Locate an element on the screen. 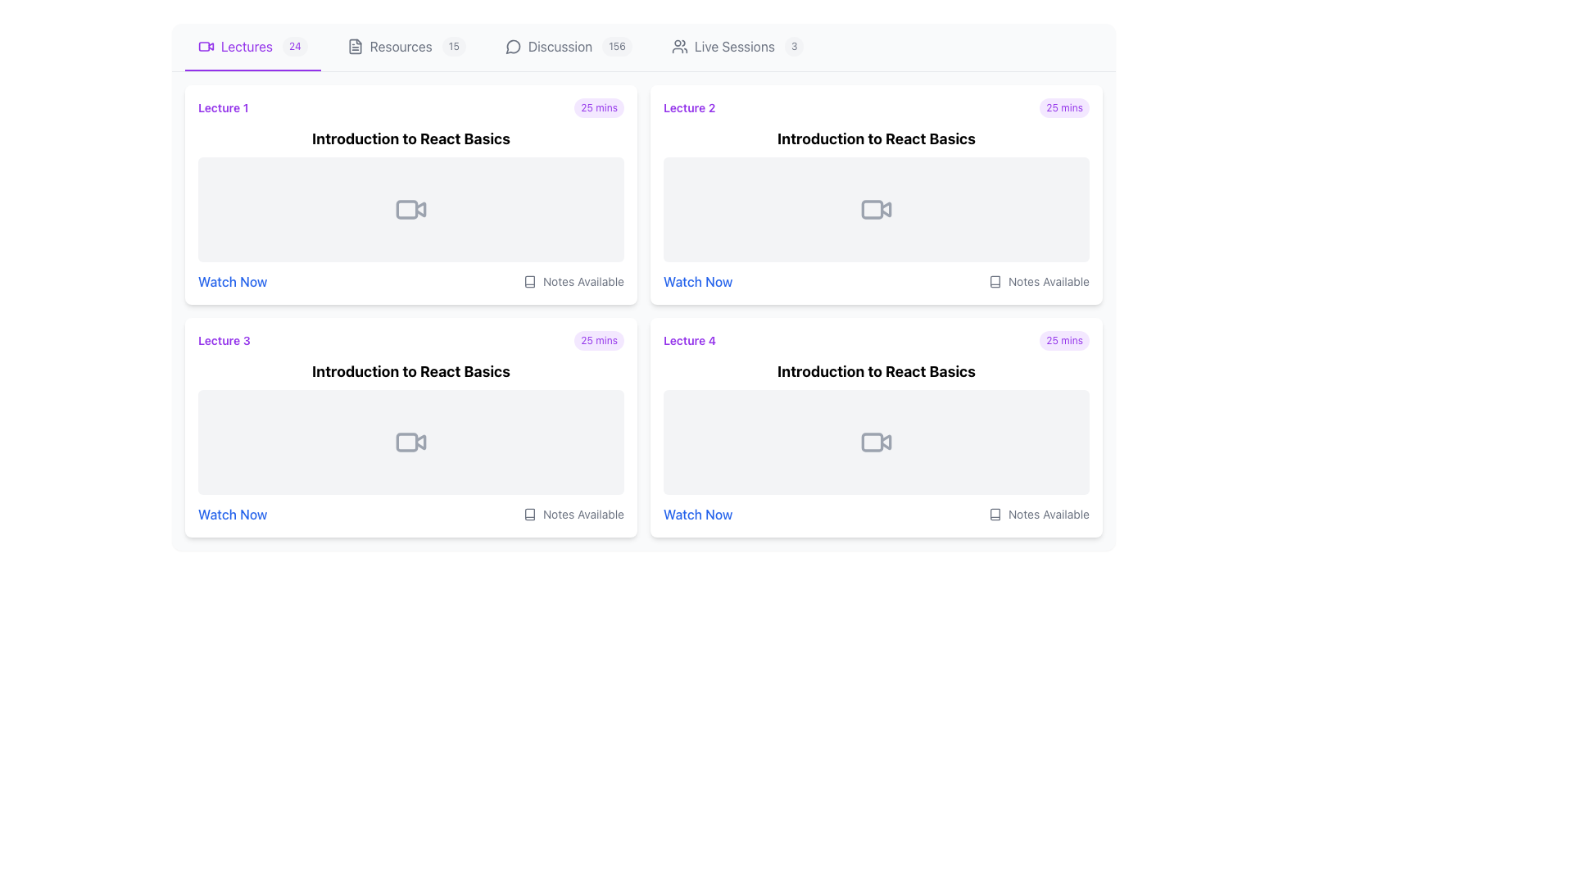  the muted gray rectangular graphical icon with rounded corners located within the video icon associated with 'Lecture 2' is located at coordinates (872, 208).